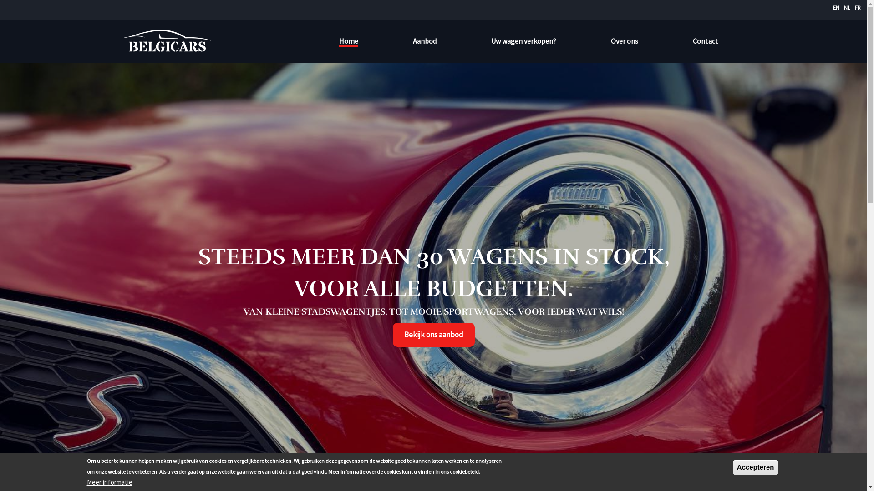 The image size is (874, 491). What do you see at coordinates (122, 41) in the screenshot?
I see `'Home'` at bounding box center [122, 41].